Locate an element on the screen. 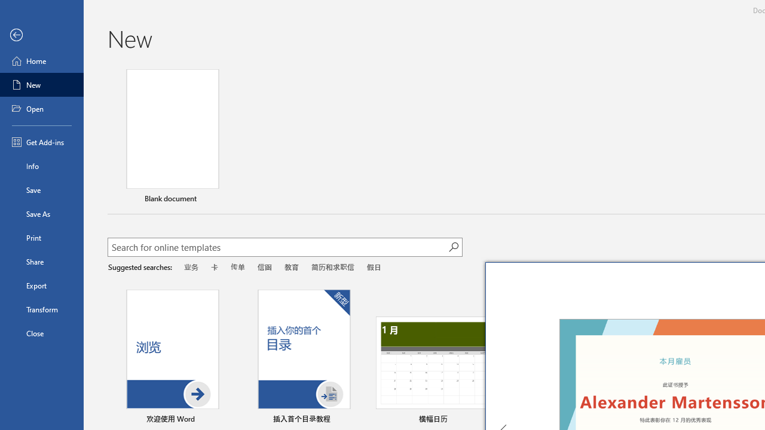  'Start searching' is located at coordinates (453, 246).